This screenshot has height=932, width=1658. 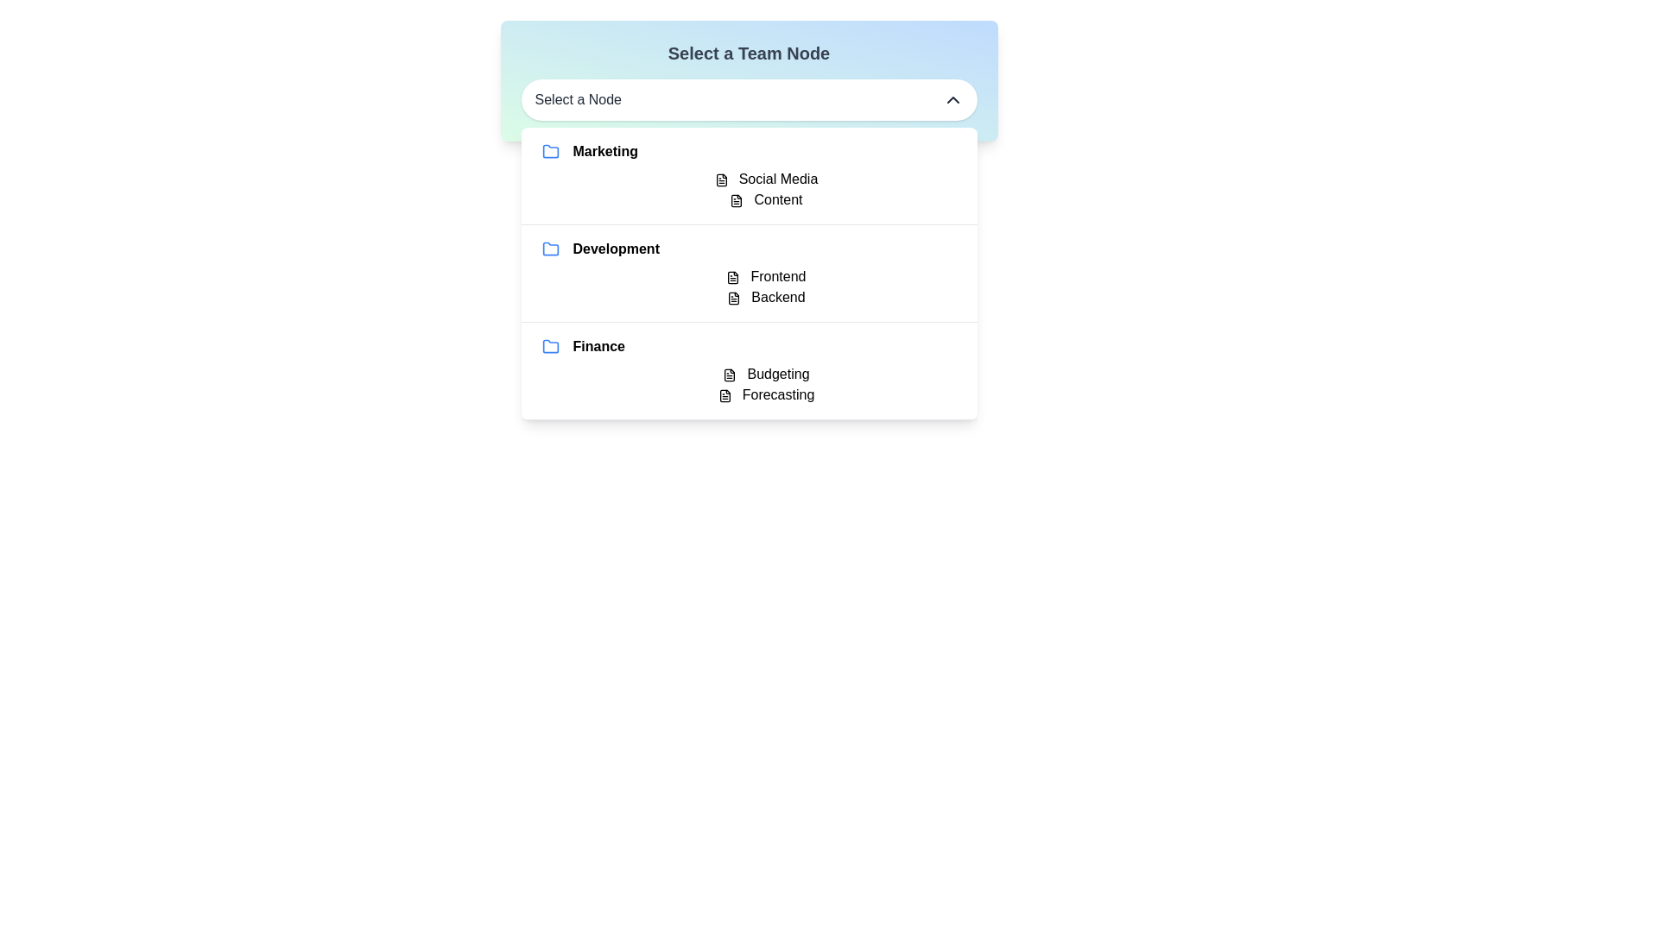 What do you see at coordinates (549, 346) in the screenshot?
I see `the blue folder icon located to the left of the 'Finance' label` at bounding box center [549, 346].